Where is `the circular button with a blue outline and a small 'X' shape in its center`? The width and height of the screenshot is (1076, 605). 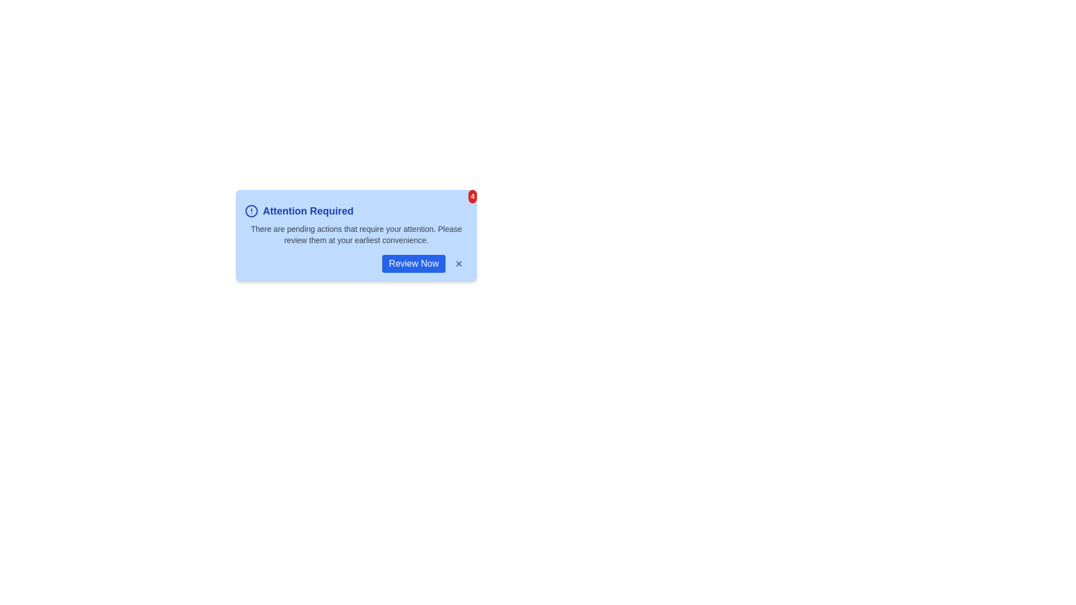
the circular button with a blue outline and a small 'X' shape in its center is located at coordinates (459, 263).